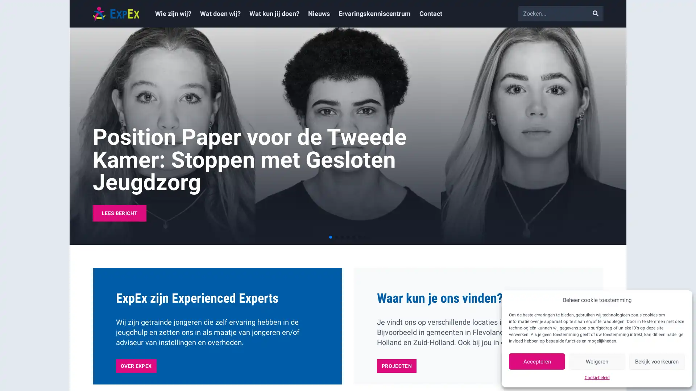 Image resolution: width=696 pixels, height=391 pixels. What do you see at coordinates (342, 237) in the screenshot?
I see `Go to slide 3` at bounding box center [342, 237].